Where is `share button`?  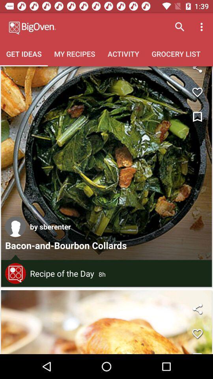
share button is located at coordinates (197, 309).